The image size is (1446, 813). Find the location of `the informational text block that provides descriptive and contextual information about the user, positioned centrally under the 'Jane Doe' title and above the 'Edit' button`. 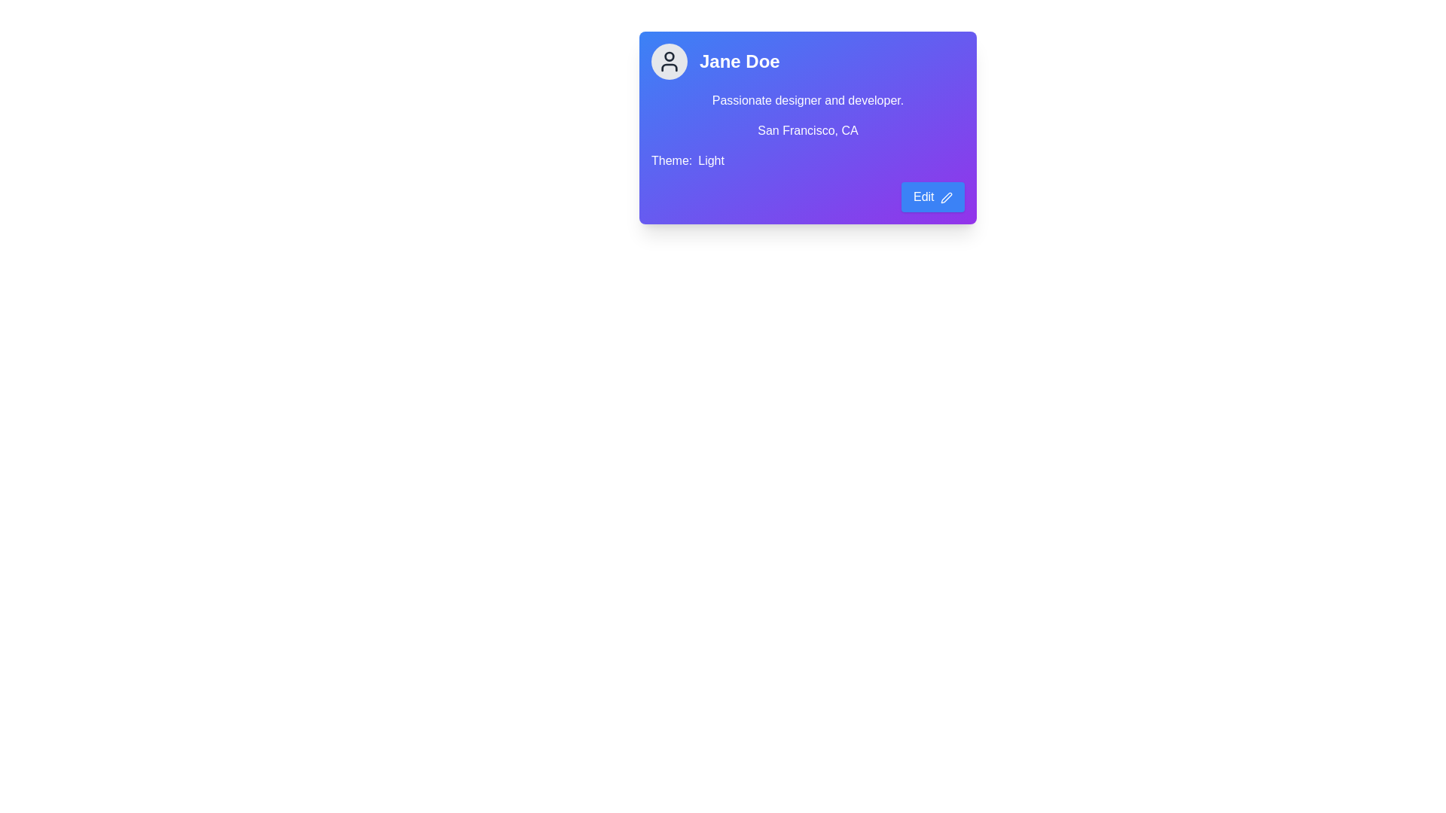

the informational text block that provides descriptive and contextual information about the user, positioned centrally under the 'Jane Doe' title and above the 'Edit' button is located at coordinates (807, 129).